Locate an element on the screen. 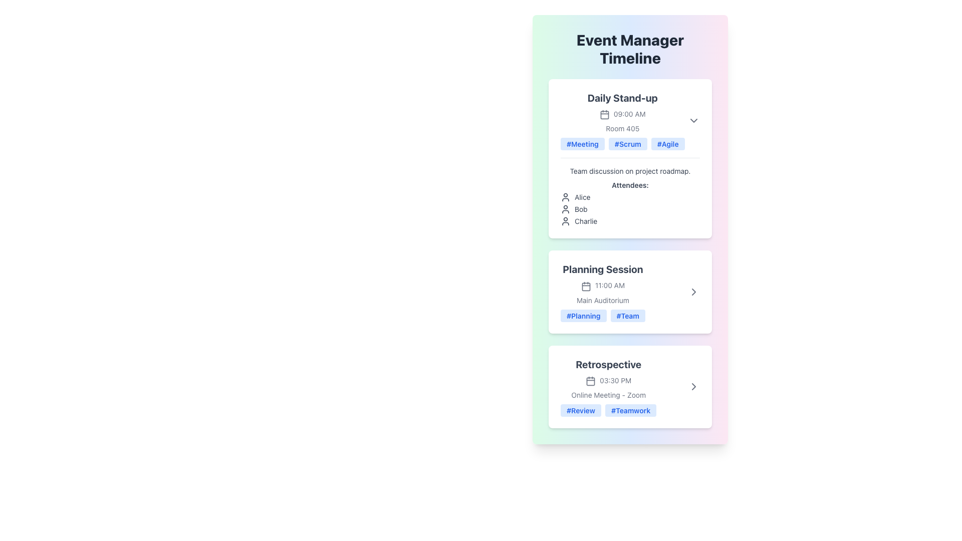 This screenshot has width=962, height=541. the second informational card in the 'Event Manager Timeline' section is located at coordinates (629, 292).